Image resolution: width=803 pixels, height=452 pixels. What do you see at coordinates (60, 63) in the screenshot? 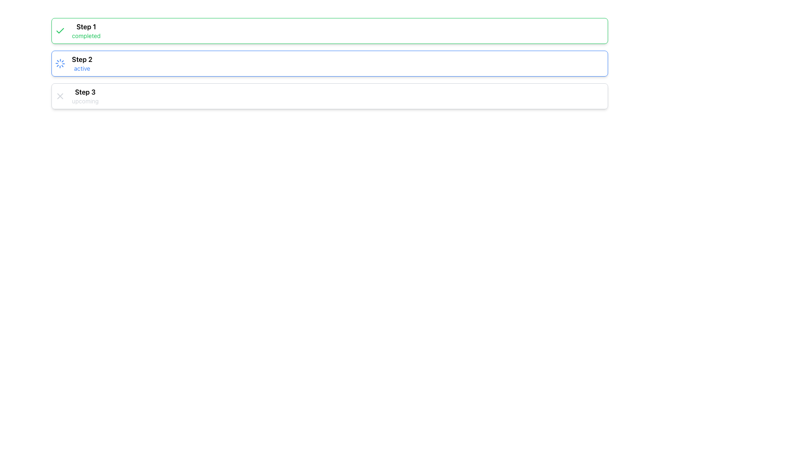
I see `the Spinner icon located in the 'Step 2' section of the progress bar, which indicates that Step 2 is currently active` at bounding box center [60, 63].